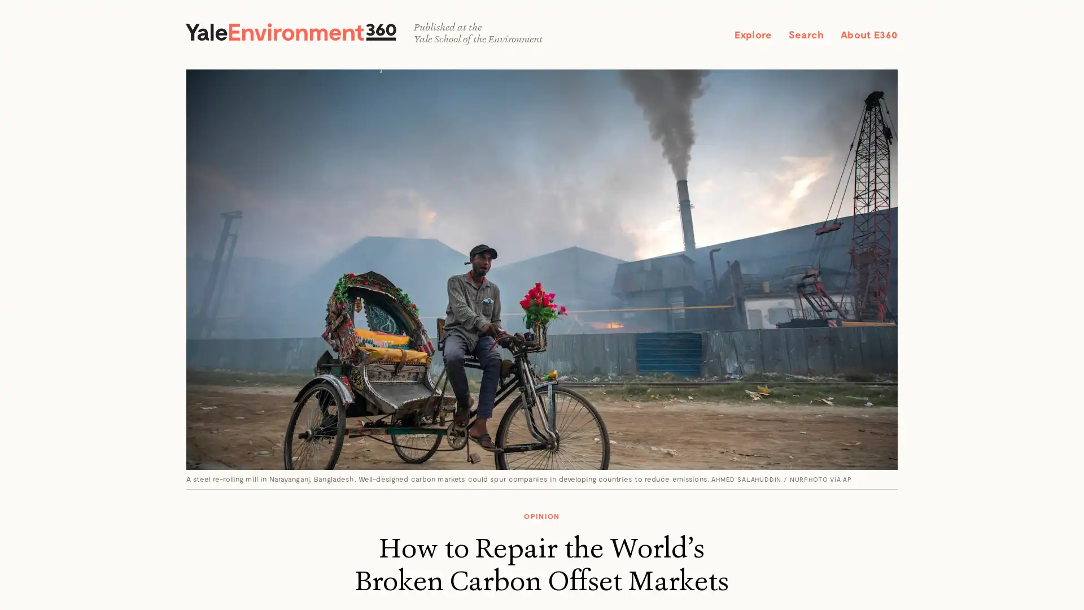 The image size is (1084, 610). Describe the element at coordinates (541, 361) in the screenshot. I see `YES, I WILL DONATE.` at that location.